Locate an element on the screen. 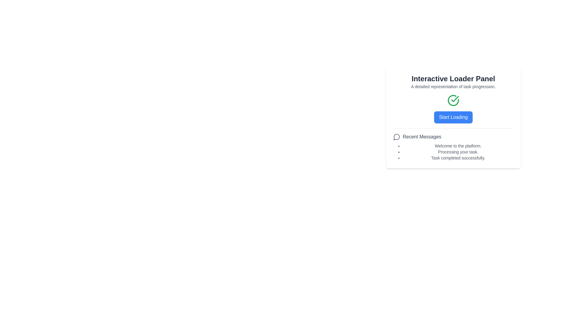 The width and height of the screenshot is (578, 325). text snippet displaying 'Welcome to the platform.' which is the first item in the 'Recent Messages' panel is located at coordinates (458, 146).